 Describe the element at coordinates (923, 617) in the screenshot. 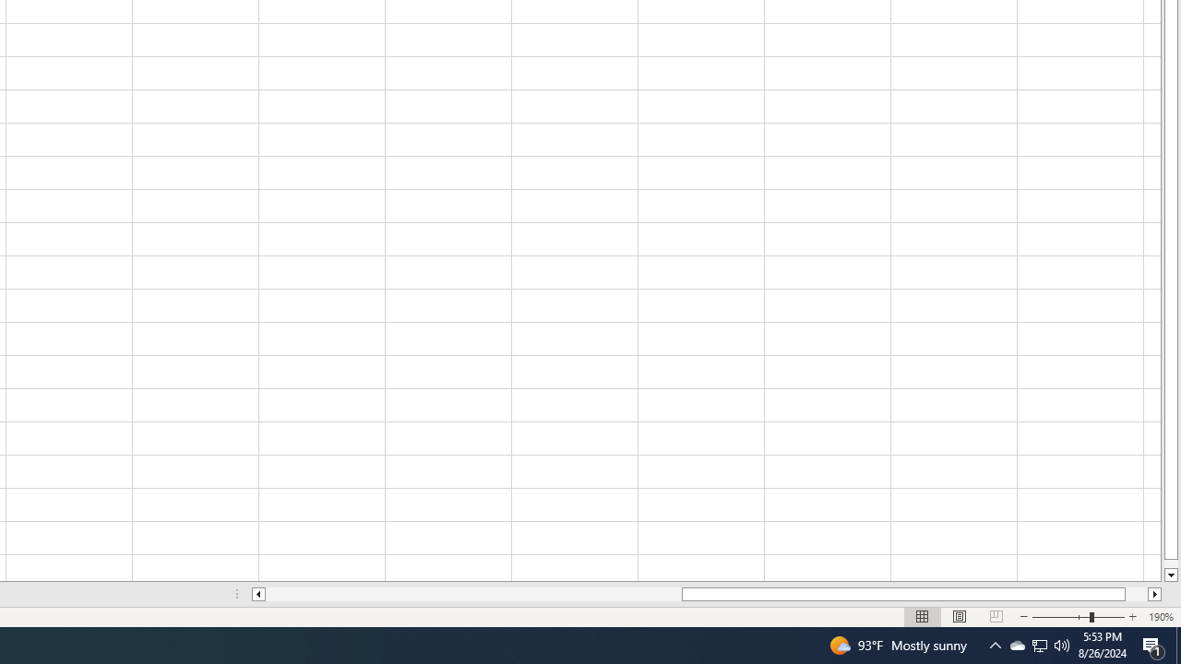

I see `'Normal'` at that location.